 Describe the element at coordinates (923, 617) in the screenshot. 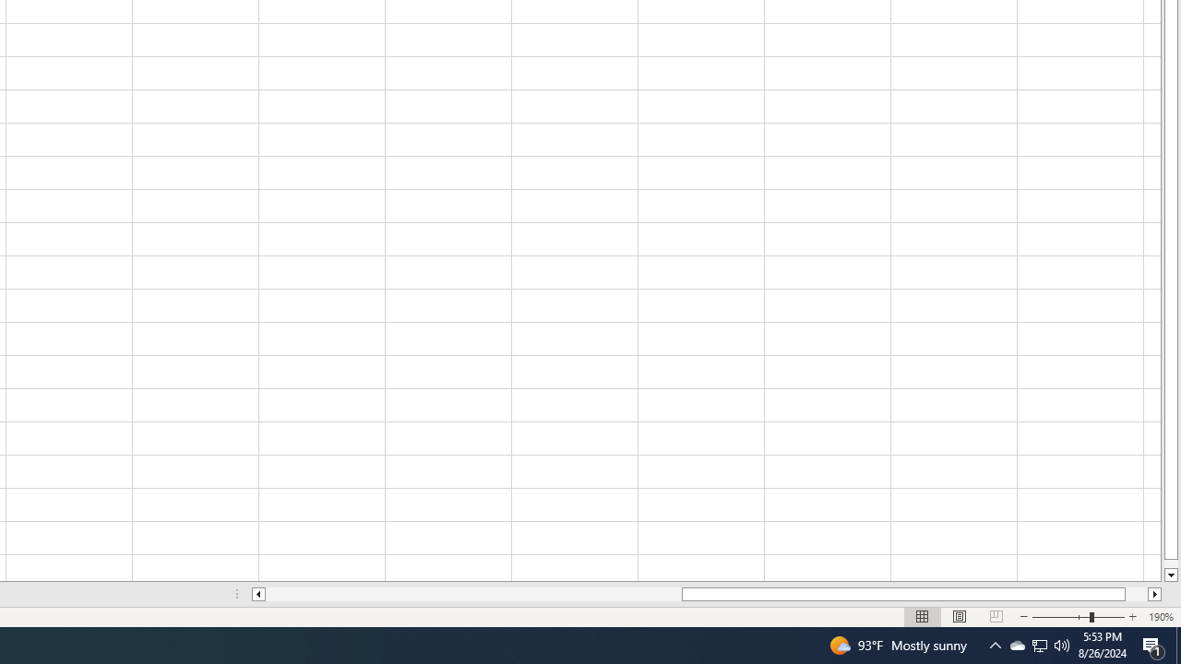

I see `'Normal'` at that location.